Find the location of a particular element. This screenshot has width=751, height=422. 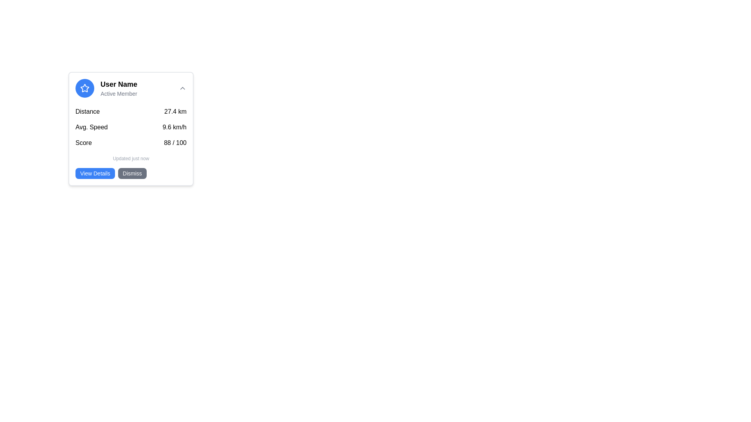

the button located in the lower-left area of the user information card is located at coordinates (95, 173).